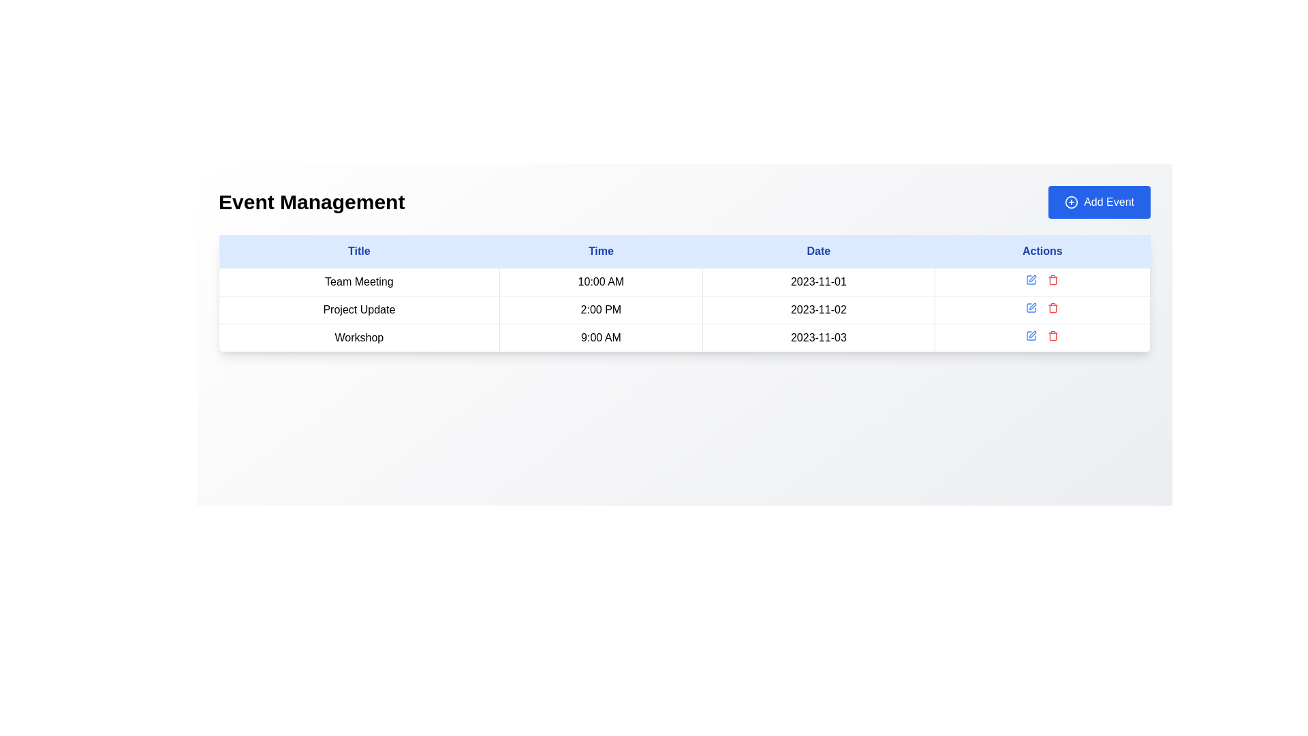  What do you see at coordinates (1042, 337) in the screenshot?
I see `the interactive cell in the 'Actions' column of the 'Event Management' table for the 'Workshop' event` at bounding box center [1042, 337].